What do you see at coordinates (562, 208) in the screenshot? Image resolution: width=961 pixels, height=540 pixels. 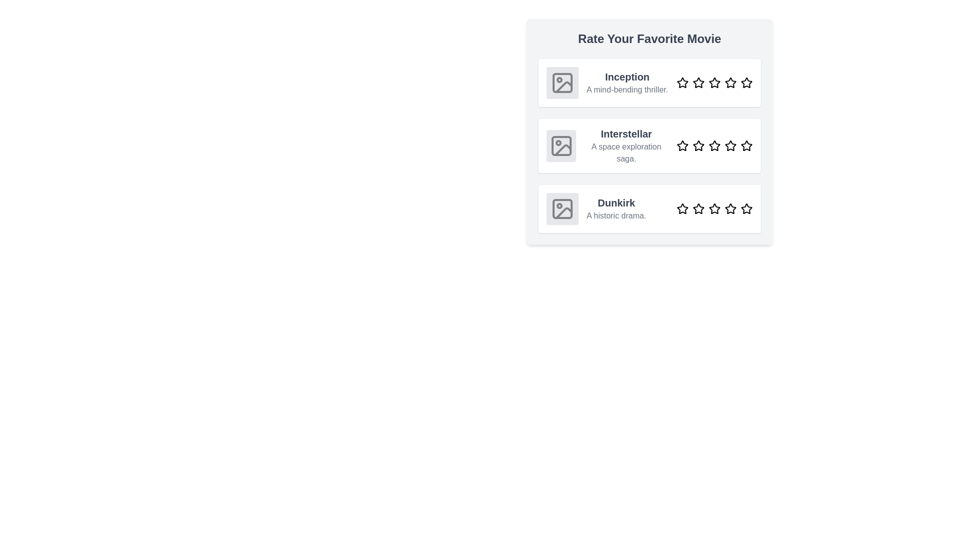 I see `the image placeholder located in the third row of the item card, positioned to the left of the text 'Dunkirk' and 'A historic drama.'` at bounding box center [562, 208].